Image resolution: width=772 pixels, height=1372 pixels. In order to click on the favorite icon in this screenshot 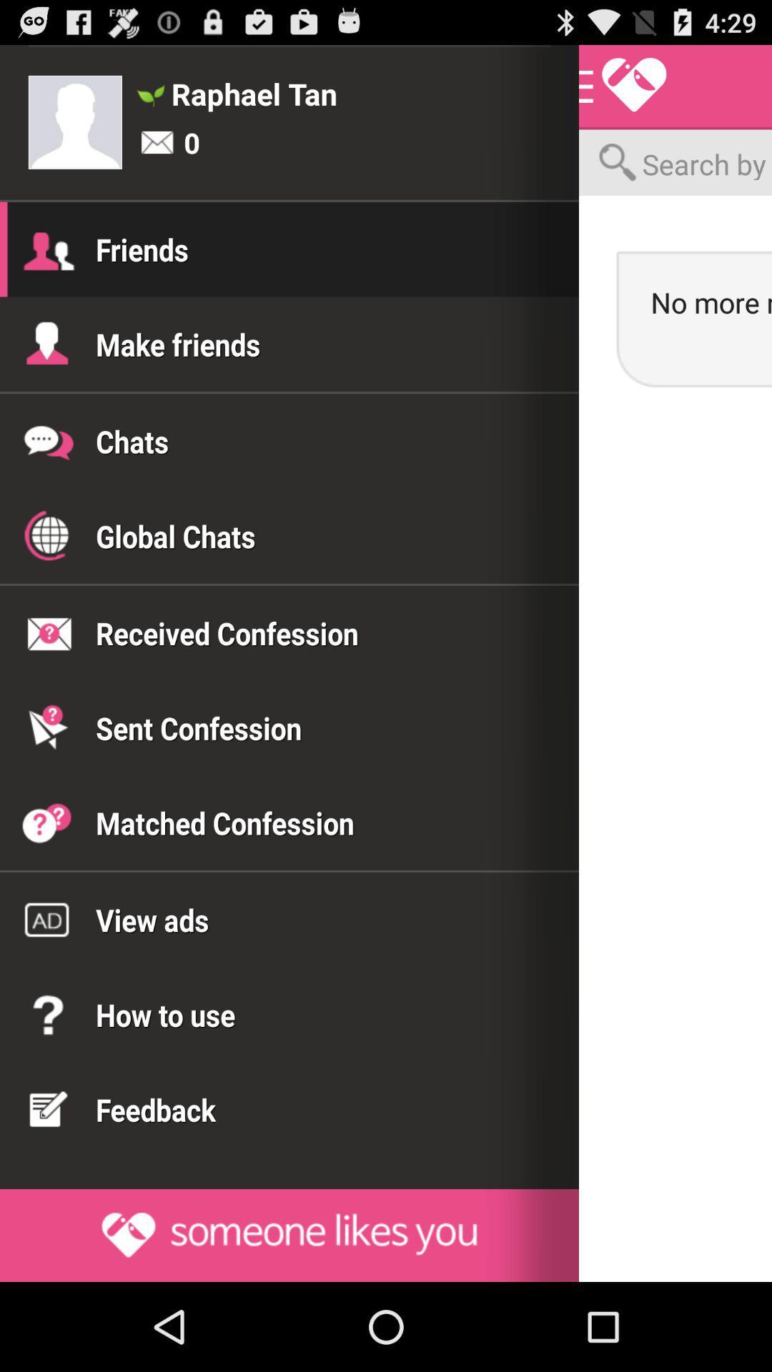, I will do `click(623, 92)`.